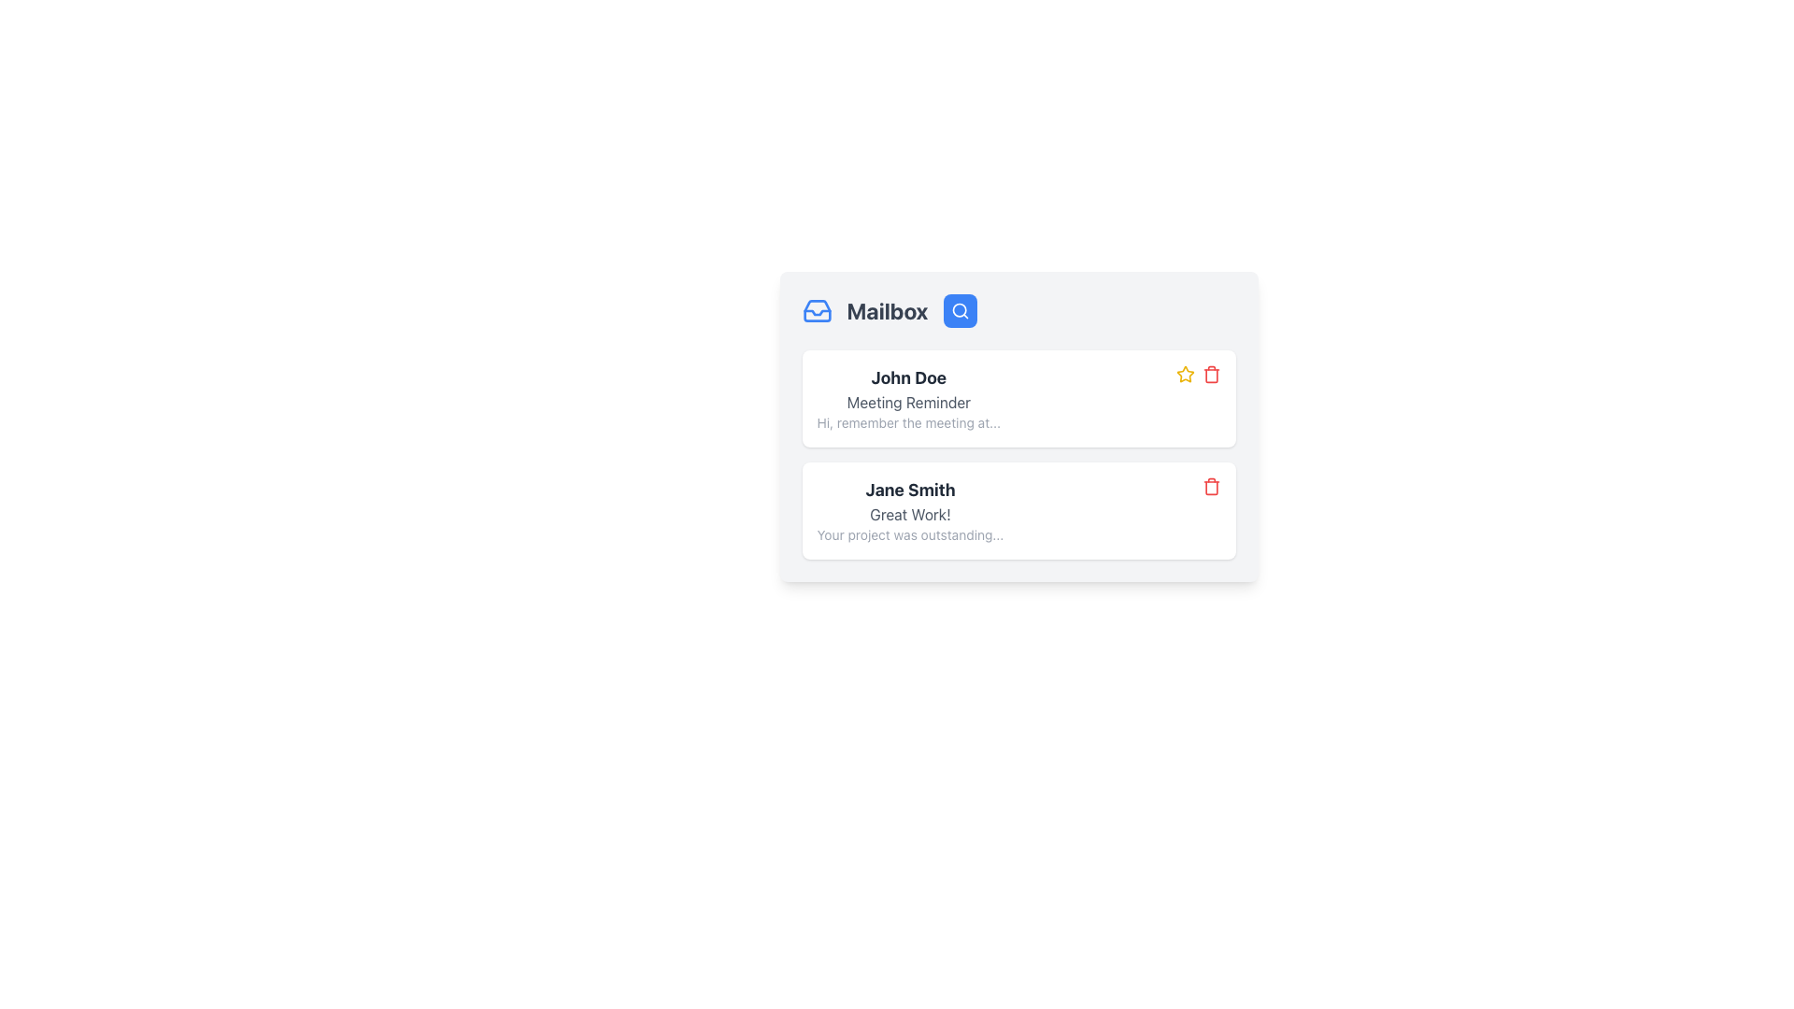 This screenshot has width=1794, height=1009. I want to click on the yellow star icon, which has a white interior and is located to the right of 'John Doe' in the message summary card, so click(1184, 374).